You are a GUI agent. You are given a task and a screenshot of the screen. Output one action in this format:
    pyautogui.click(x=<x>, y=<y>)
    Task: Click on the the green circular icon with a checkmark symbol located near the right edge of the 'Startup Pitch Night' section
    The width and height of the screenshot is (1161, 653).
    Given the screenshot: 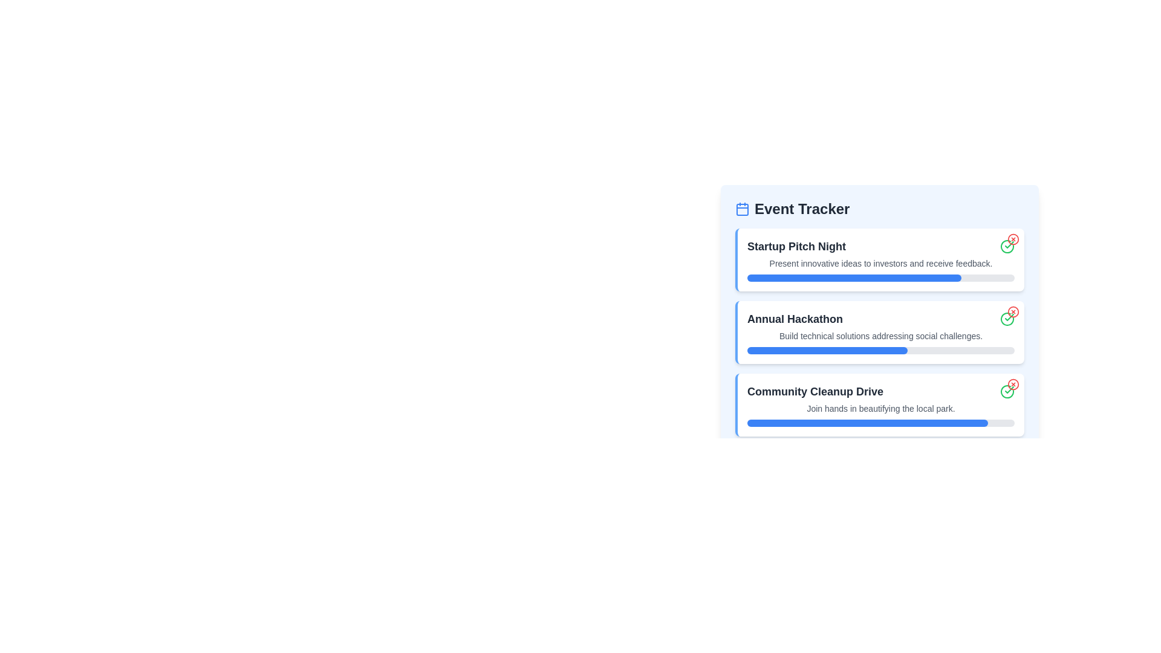 What is the action you would take?
    pyautogui.click(x=1007, y=246)
    